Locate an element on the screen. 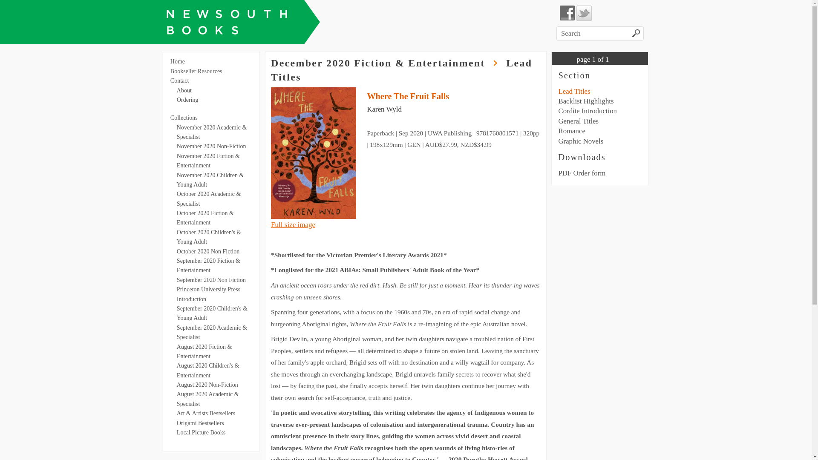 The width and height of the screenshot is (818, 460). 'November 2020 Fiction & Entertainment' is located at coordinates (208, 161).